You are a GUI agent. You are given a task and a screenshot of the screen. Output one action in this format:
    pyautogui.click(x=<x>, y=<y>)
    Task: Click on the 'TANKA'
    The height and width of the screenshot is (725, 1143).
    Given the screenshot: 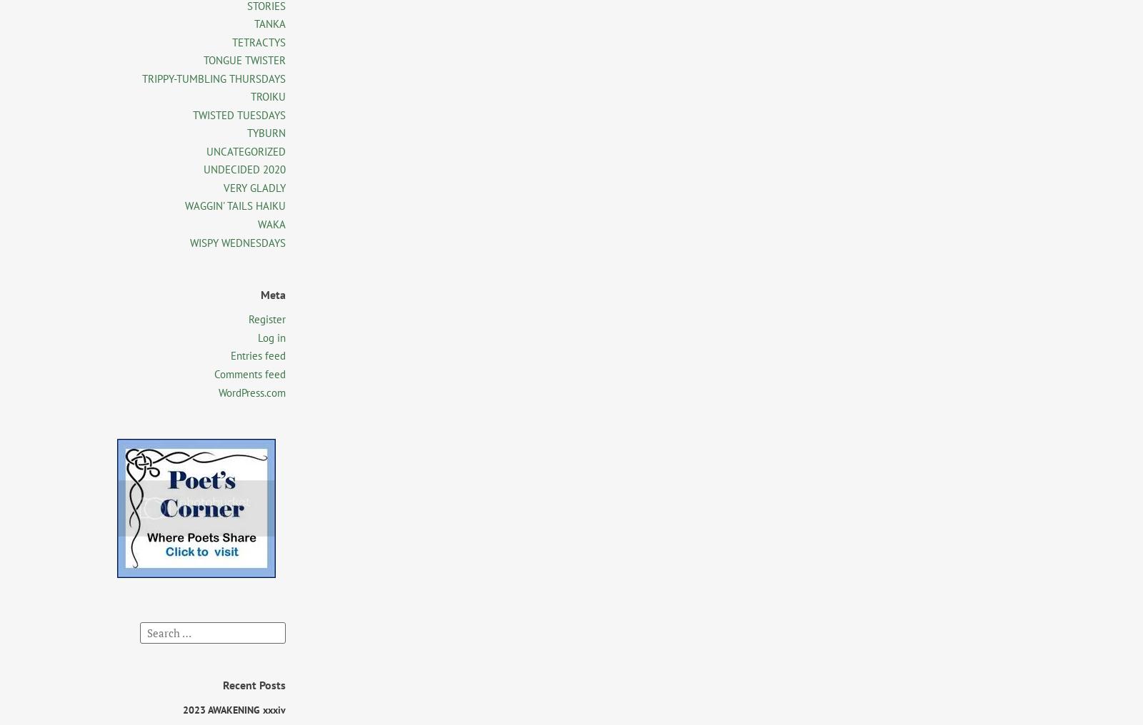 What is the action you would take?
    pyautogui.click(x=270, y=23)
    